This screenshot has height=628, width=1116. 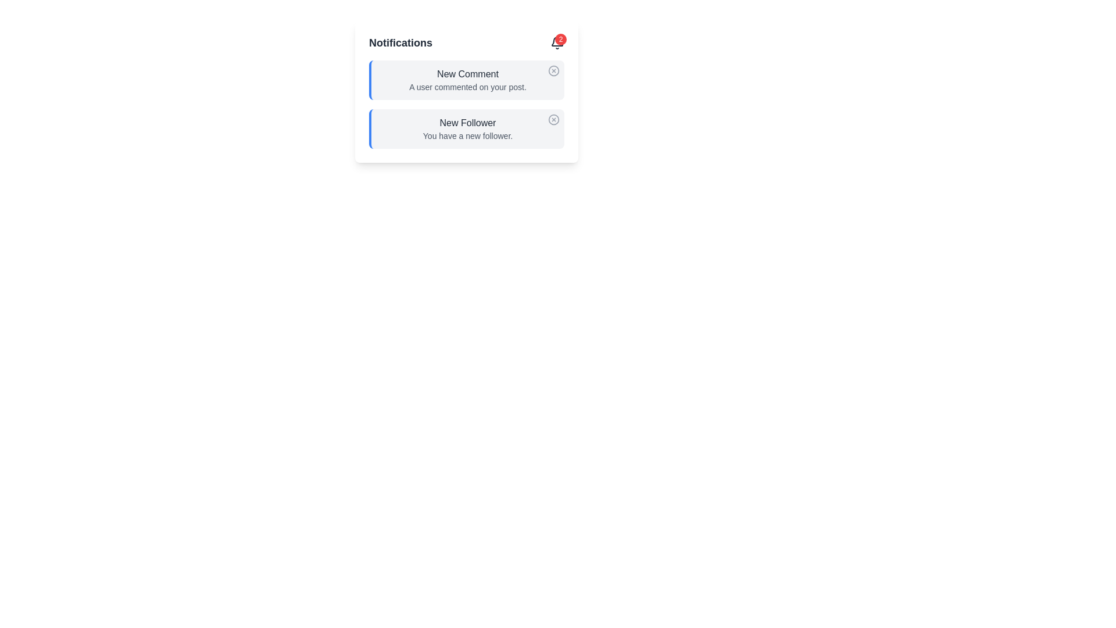 What do you see at coordinates (466, 80) in the screenshot?
I see `the Notification card that informs the user about a new comment on their post, which is the first item in the notifications list` at bounding box center [466, 80].